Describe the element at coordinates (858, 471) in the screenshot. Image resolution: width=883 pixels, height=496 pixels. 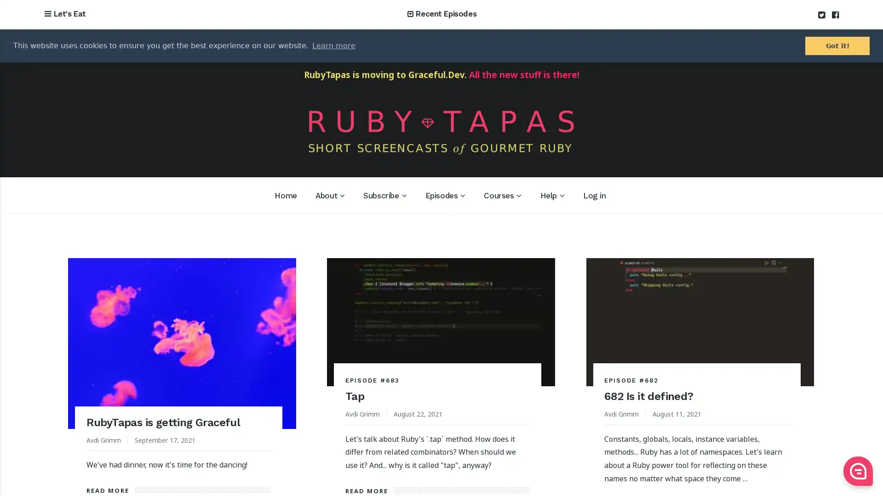
I see `Launch Front Chat` at that location.